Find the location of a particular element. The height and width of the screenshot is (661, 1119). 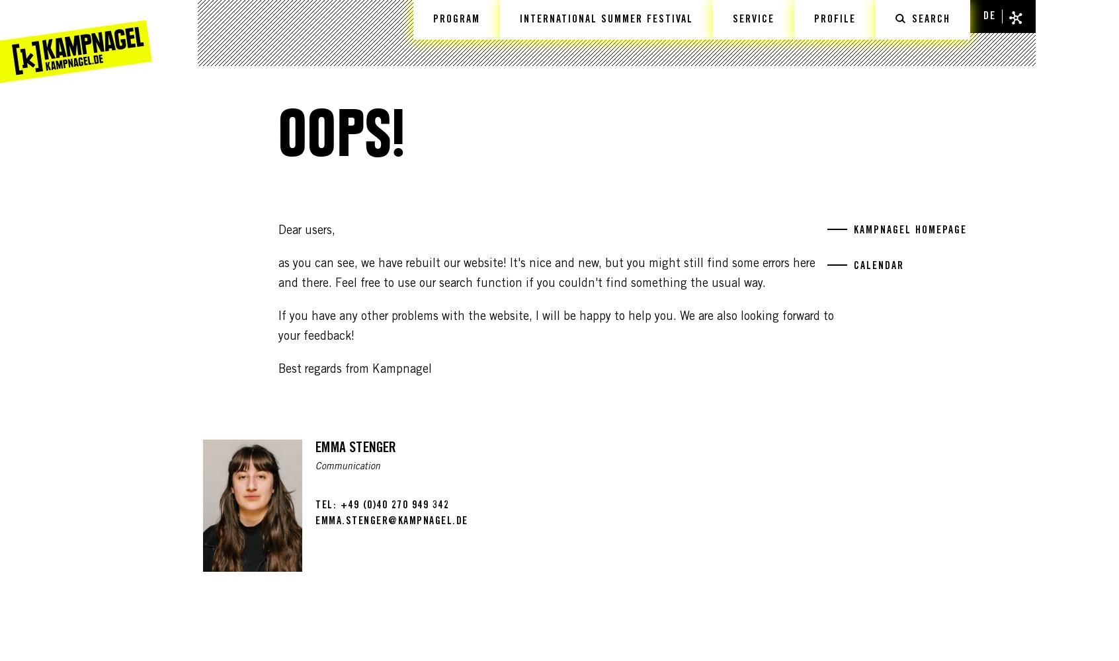

'Calendar' is located at coordinates (878, 266).